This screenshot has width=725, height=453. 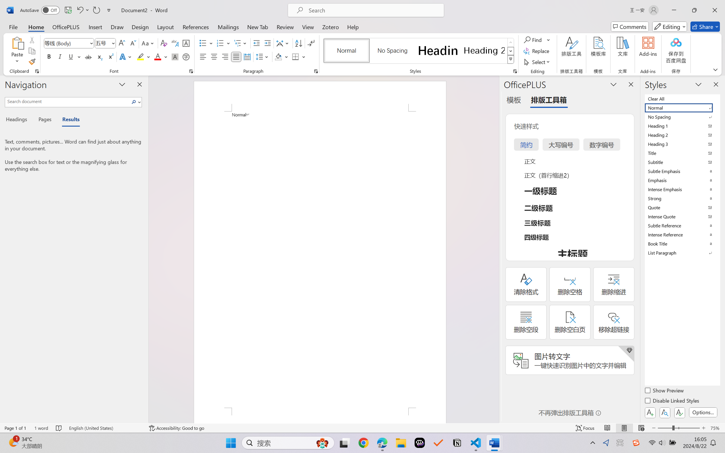 I want to click on 'Multilevel List', so click(x=241, y=43).